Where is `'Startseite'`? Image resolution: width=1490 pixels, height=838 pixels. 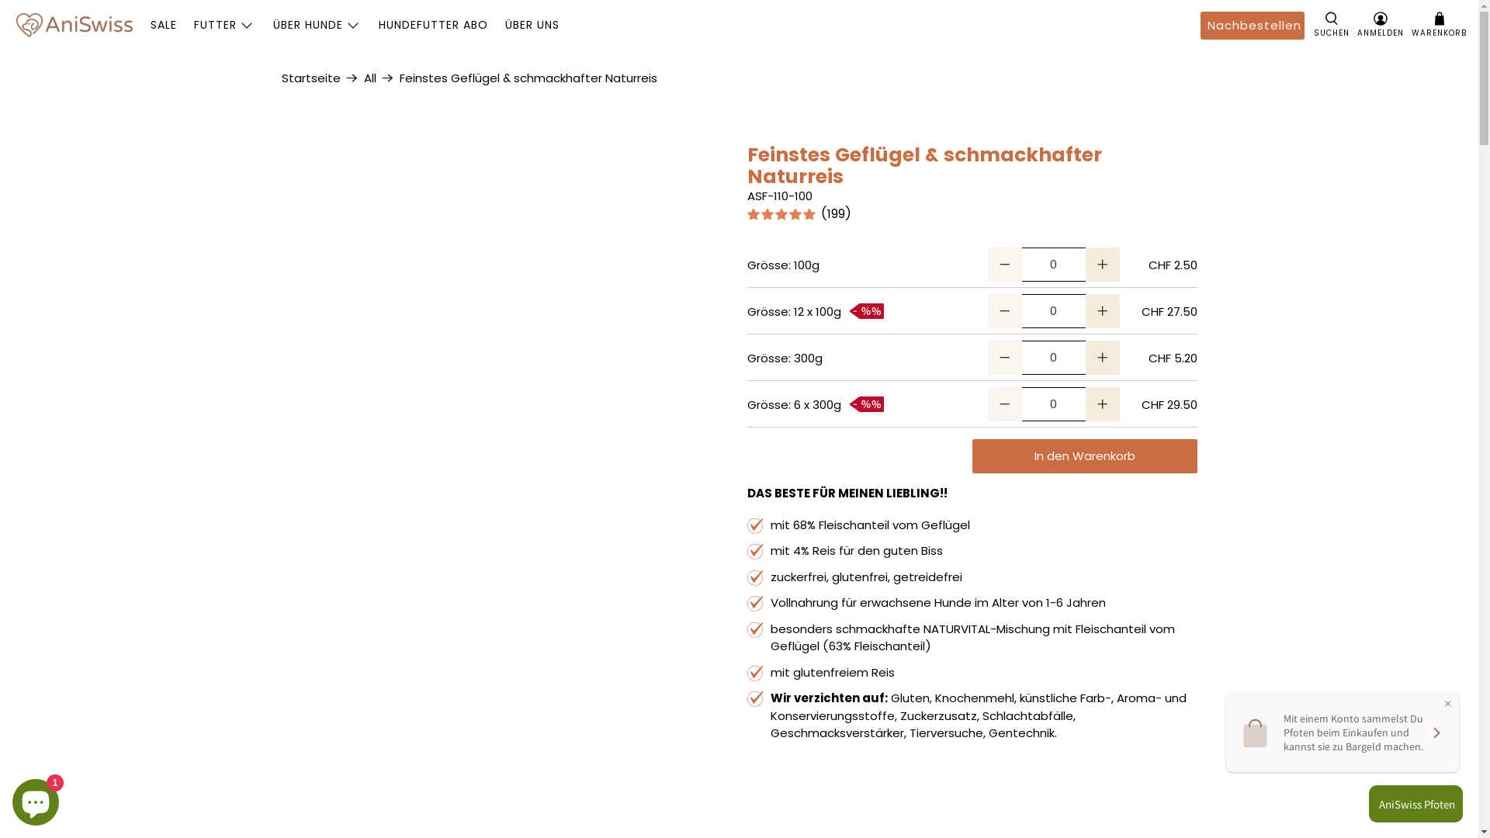
'Startseite' is located at coordinates (280, 78).